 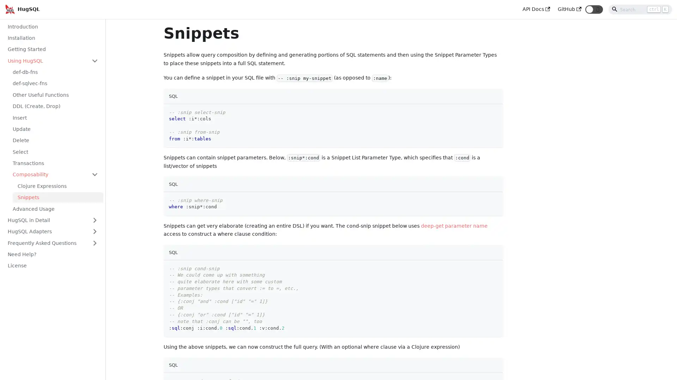 What do you see at coordinates (94, 231) in the screenshot?
I see `Toggle the collapsible sidebar category 'HugSQL Adapters'` at bounding box center [94, 231].